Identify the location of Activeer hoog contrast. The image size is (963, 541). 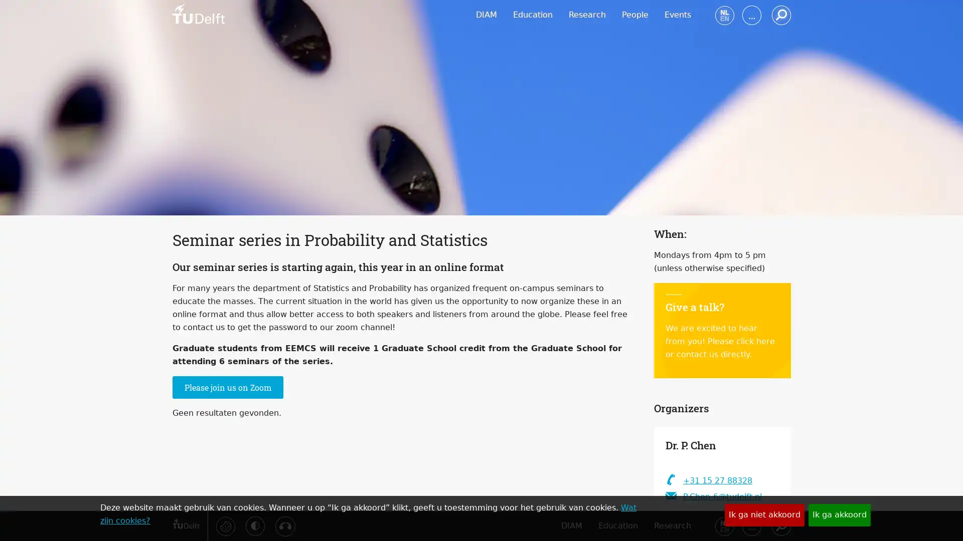
(255, 525).